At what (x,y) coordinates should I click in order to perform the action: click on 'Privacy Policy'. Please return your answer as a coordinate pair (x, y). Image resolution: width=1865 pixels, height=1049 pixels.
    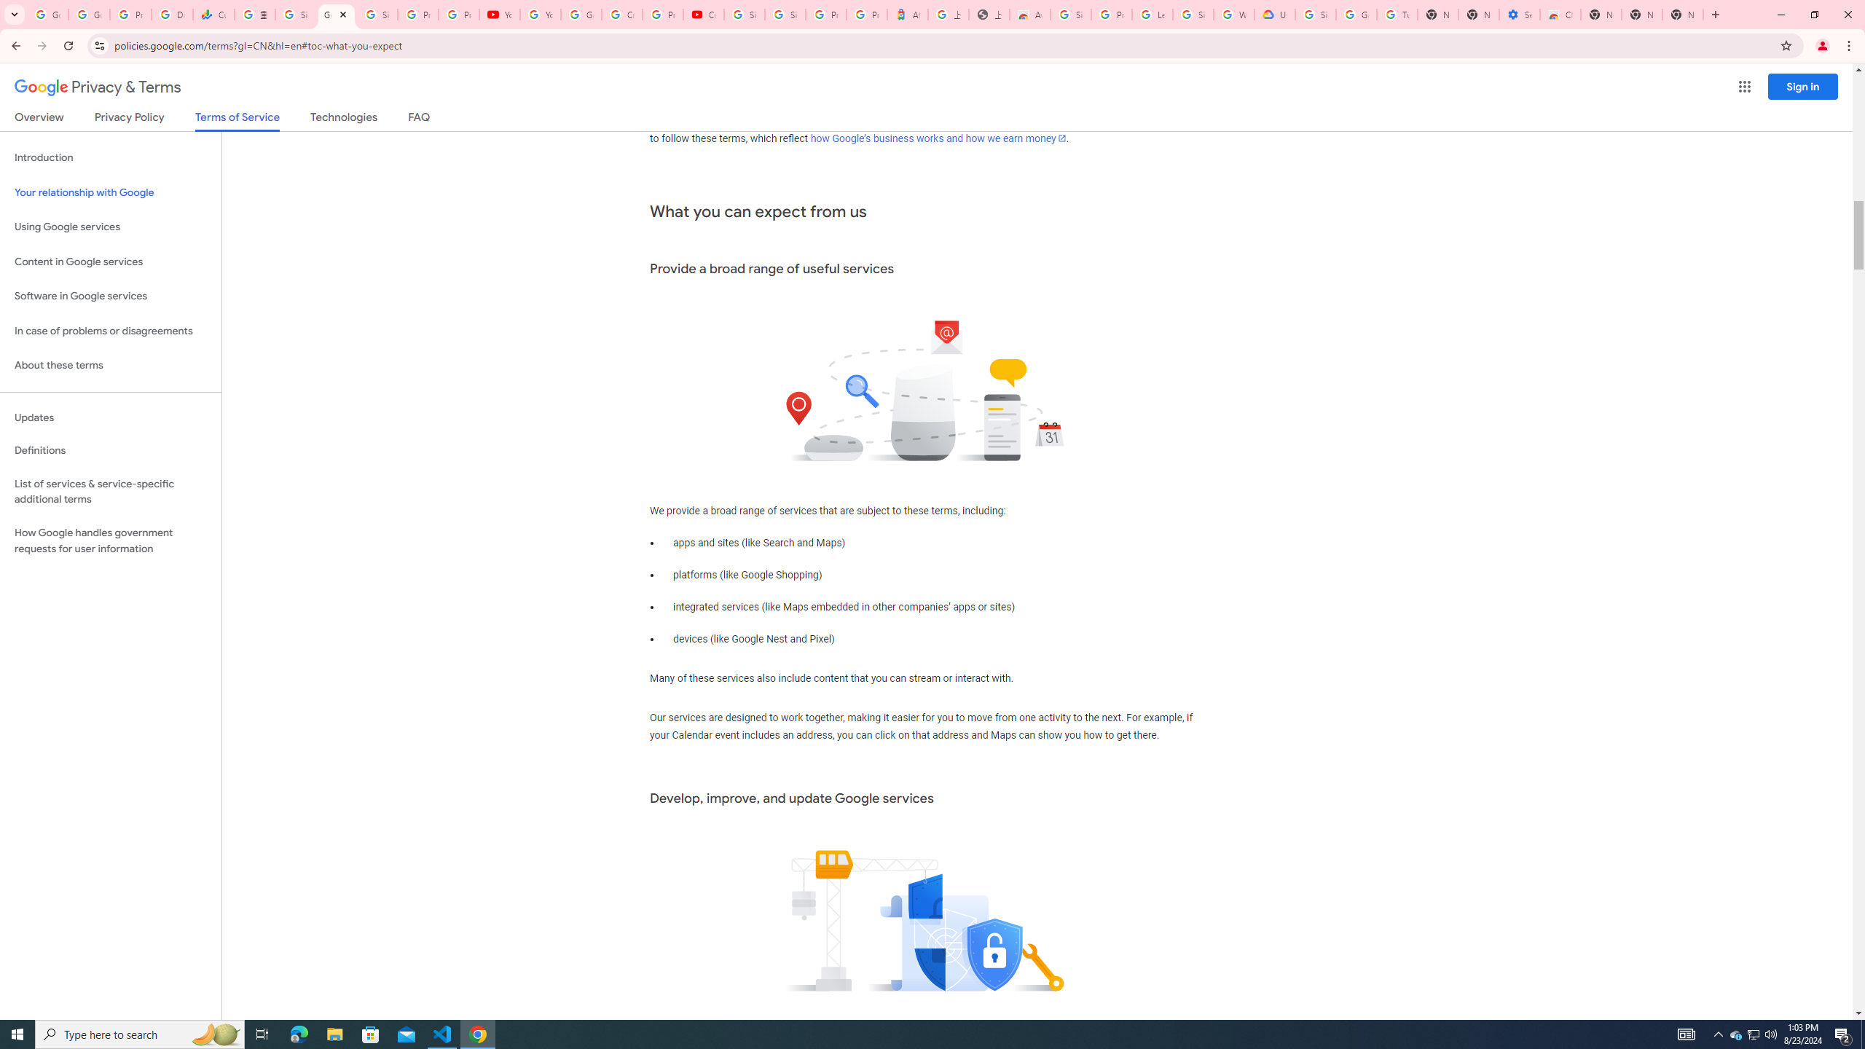
    Looking at the image, I should click on (127, 119).